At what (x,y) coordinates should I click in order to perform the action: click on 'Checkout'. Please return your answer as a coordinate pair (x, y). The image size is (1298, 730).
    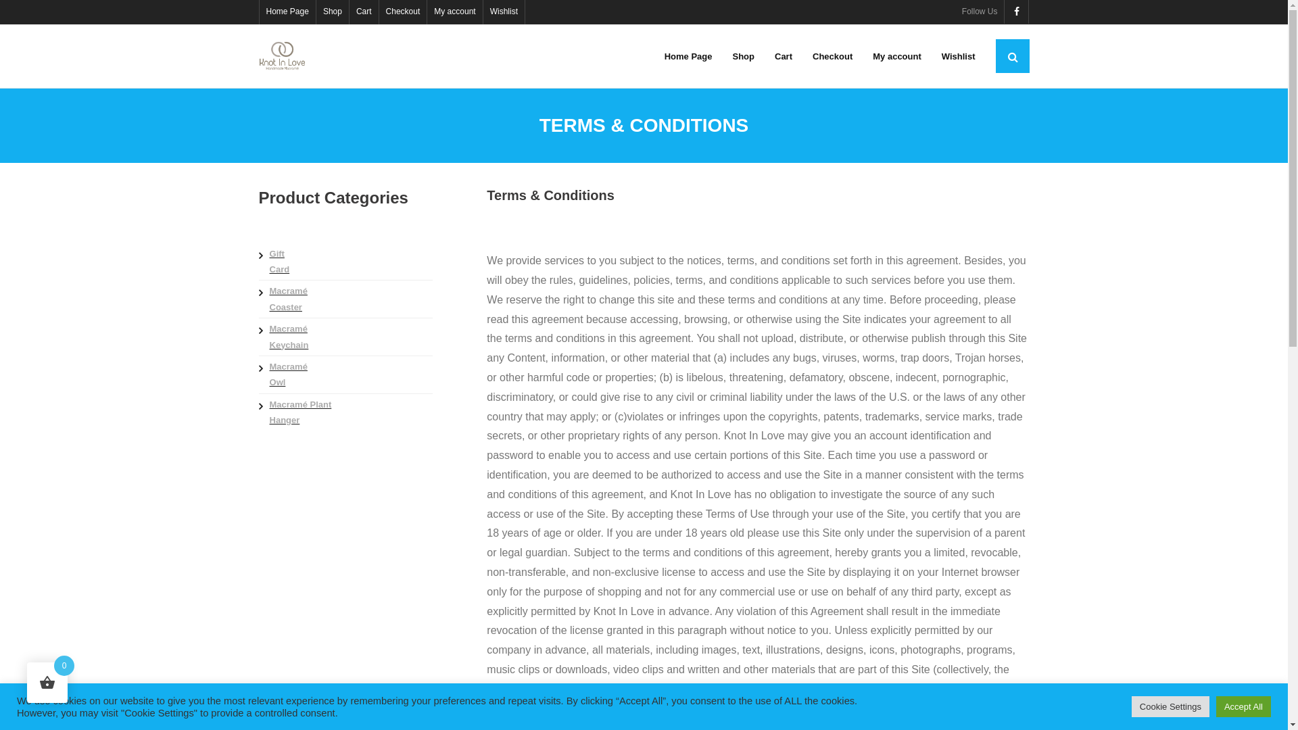
    Looking at the image, I should click on (832, 55).